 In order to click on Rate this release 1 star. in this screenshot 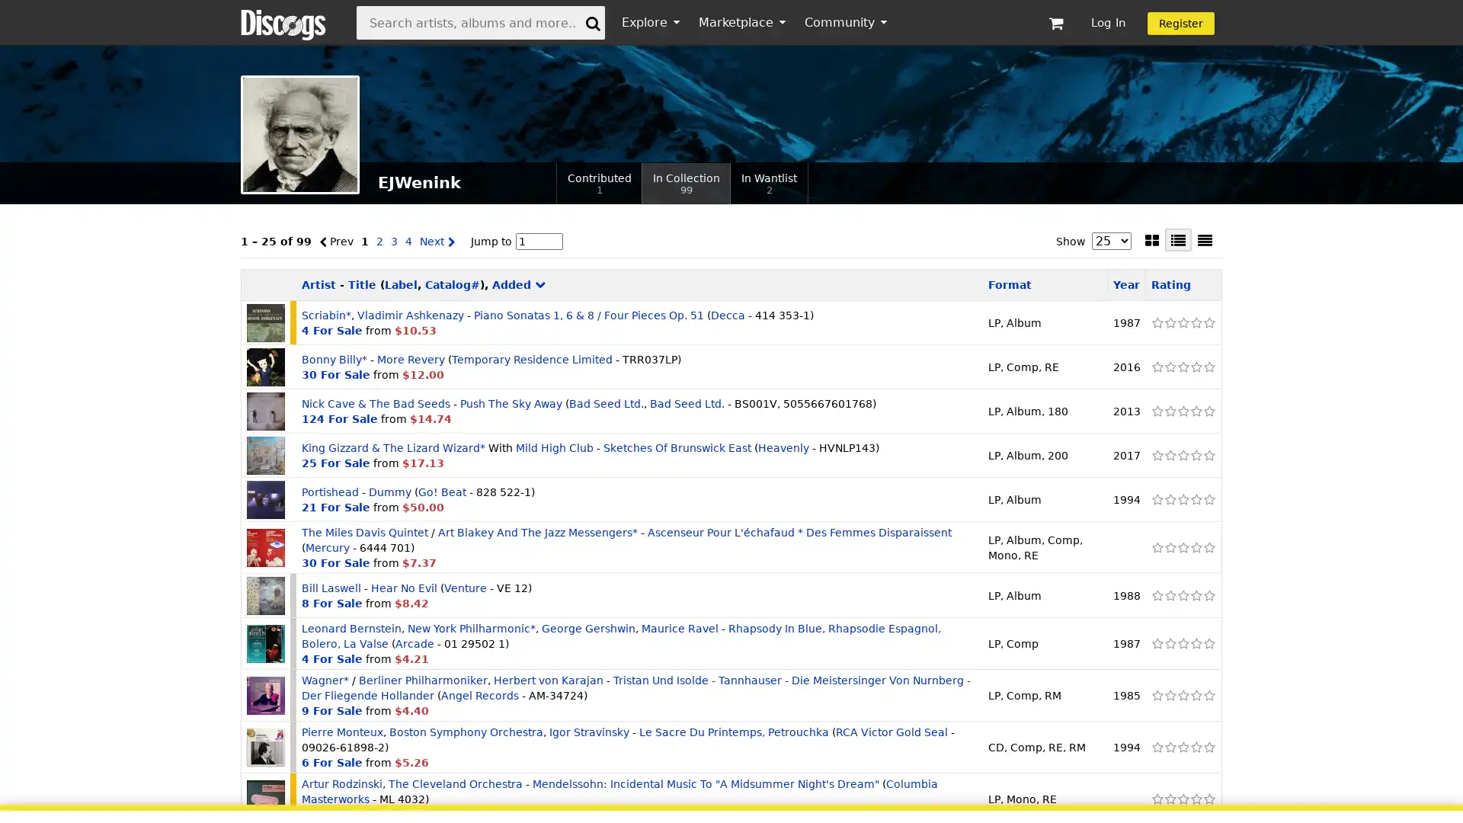, I will do `click(1157, 367)`.